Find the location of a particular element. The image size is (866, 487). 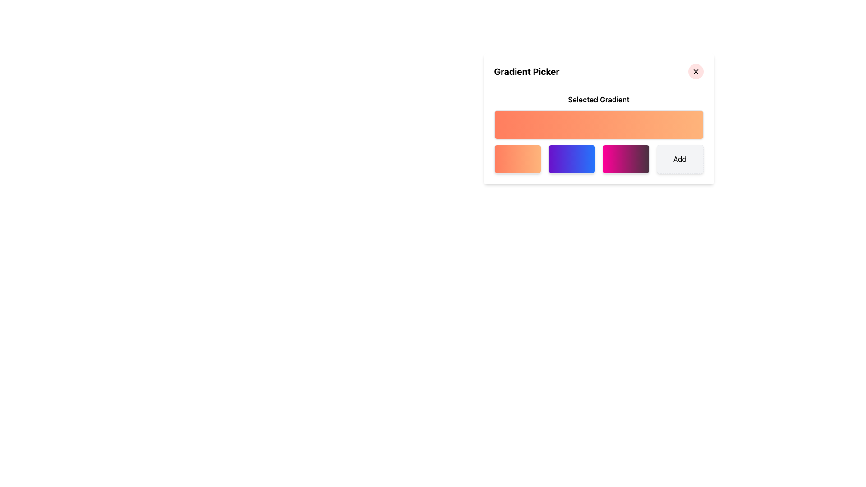

the gradient display area within the 'Gradient Picker' card, which visually shows the selected gradient style is located at coordinates (599, 116).